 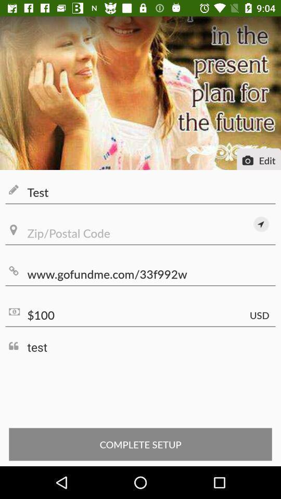 I want to click on the icon below the test item, so click(x=140, y=233).